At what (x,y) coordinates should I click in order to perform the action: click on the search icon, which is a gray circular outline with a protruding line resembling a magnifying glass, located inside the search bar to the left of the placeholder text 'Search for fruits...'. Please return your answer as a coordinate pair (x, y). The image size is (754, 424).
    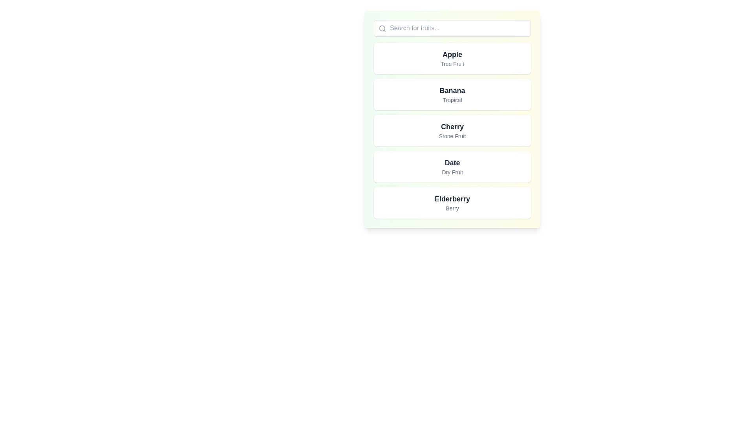
    Looking at the image, I should click on (382, 28).